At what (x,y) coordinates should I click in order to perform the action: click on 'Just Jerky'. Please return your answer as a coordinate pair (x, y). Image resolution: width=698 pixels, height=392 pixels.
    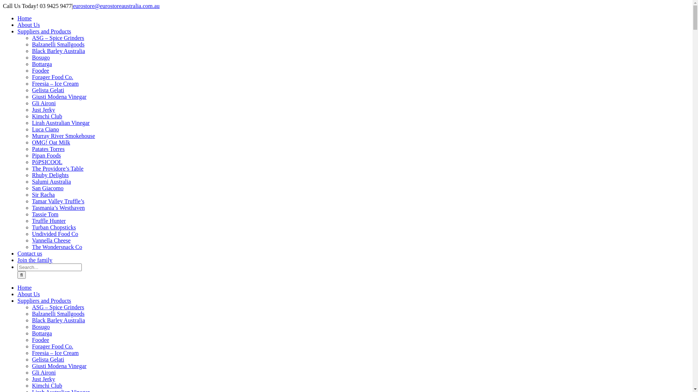
    Looking at the image, I should click on (43, 110).